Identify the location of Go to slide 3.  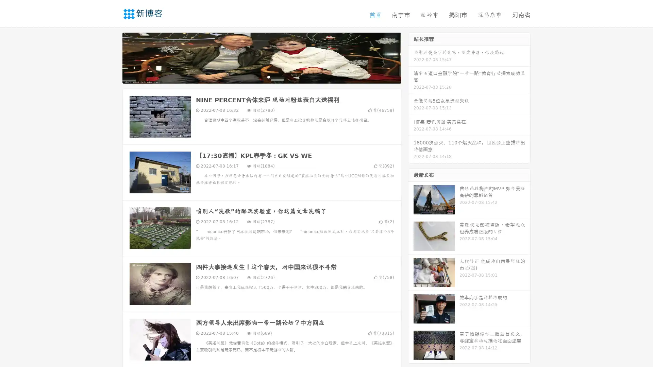
(268, 76).